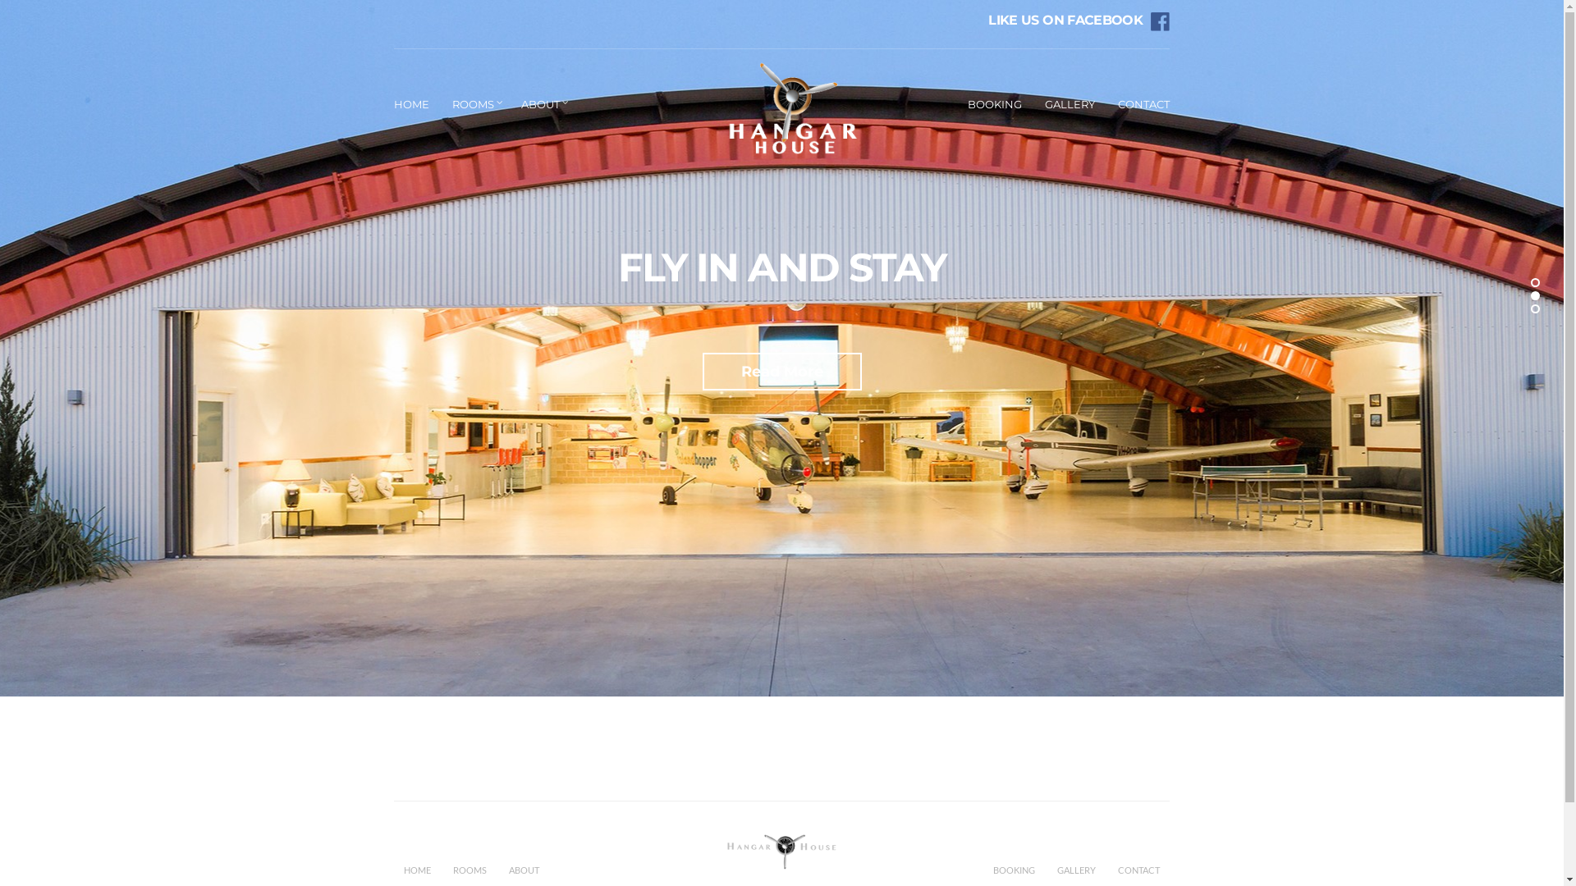 The height and width of the screenshot is (886, 1576). Describe the element at coordinates (1070, 107) in the screenshot. I see `'GALLERY'` at that location.